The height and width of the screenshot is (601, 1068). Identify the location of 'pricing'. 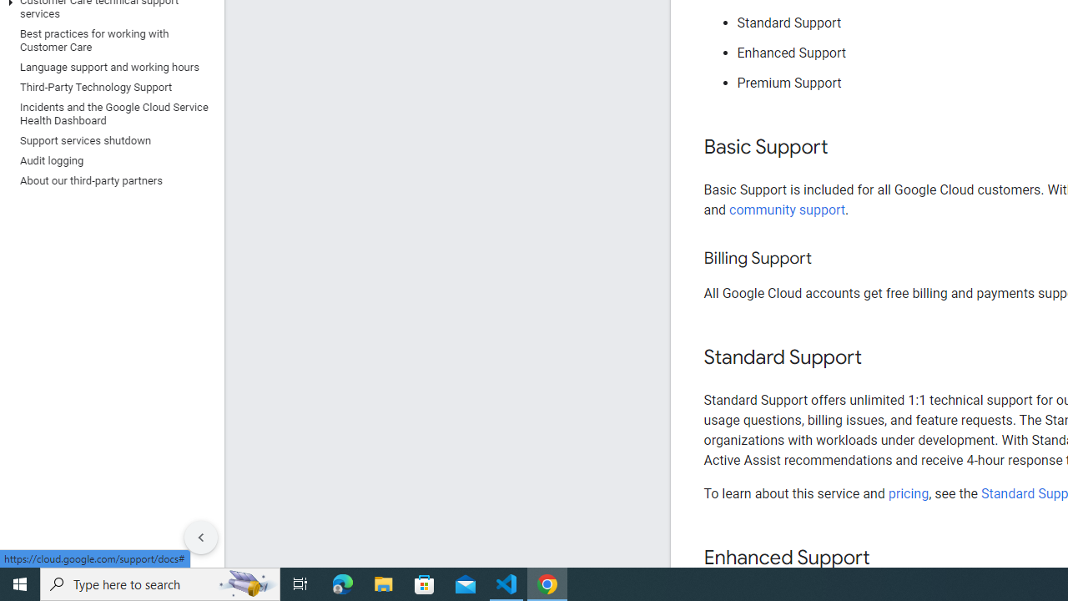
(907, 492).